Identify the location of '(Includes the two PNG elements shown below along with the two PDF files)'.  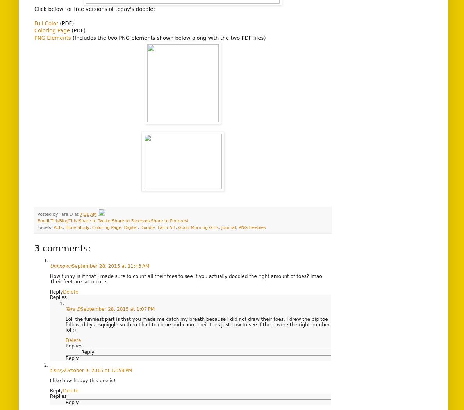
(168, 37).